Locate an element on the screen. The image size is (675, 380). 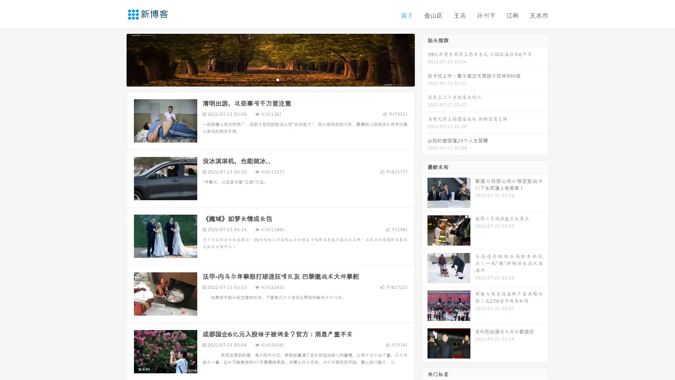
Previous slide is located at coordinates (116, 59).